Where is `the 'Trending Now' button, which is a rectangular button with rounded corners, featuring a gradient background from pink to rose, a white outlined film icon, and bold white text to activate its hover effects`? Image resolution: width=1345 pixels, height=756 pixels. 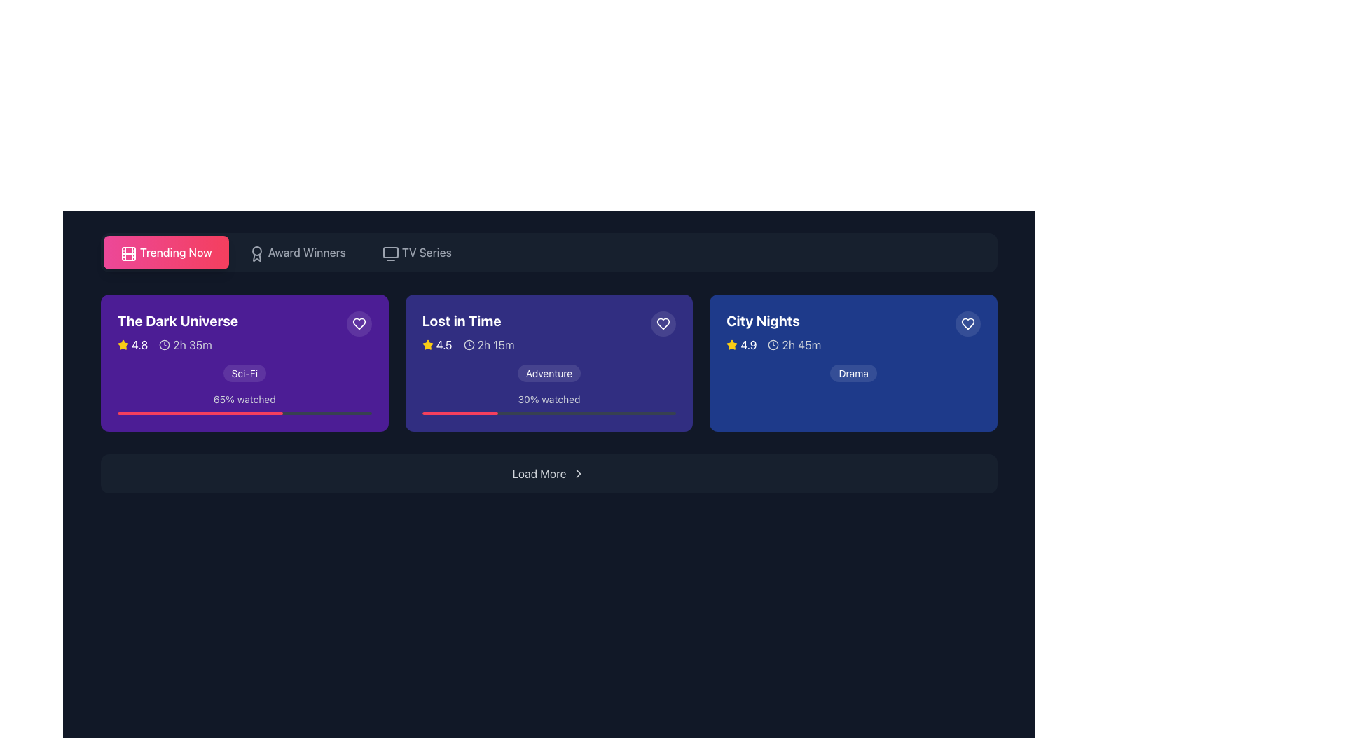 the 'Trending Now' button, which is a rectangular button with rounded corners, featuring a gradient background from pink to rose, a white outlined film icon, and bold white text to activate its hover effects is located at coordinates (166, 253).